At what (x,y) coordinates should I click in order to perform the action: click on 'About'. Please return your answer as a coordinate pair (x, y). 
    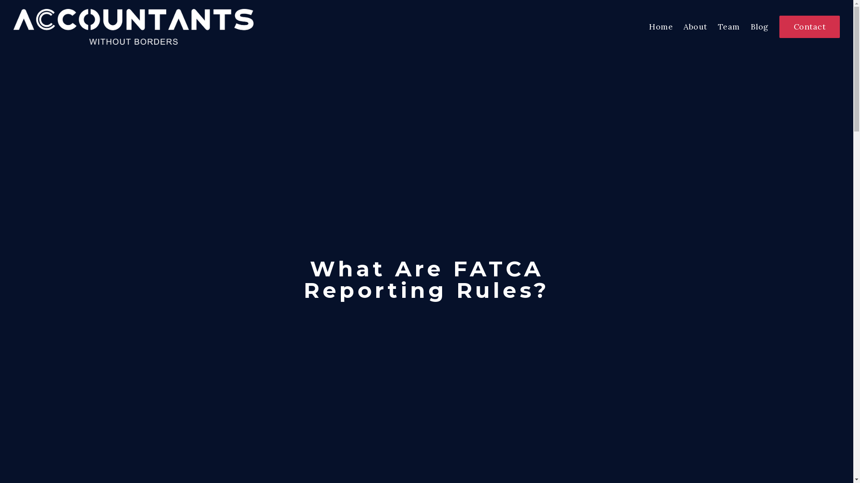
    Looking at the image, I should click on (695, 26).